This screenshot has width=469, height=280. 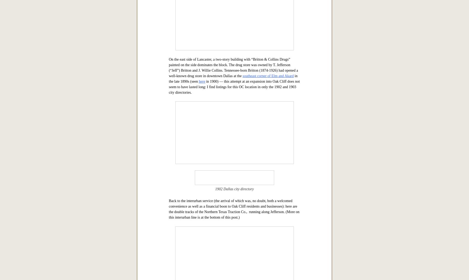 What do you see at coordinates (268, 240) in the screenshot?
I see `'southeast corner of Elm and Akard'` at bounding box center [268, 240].